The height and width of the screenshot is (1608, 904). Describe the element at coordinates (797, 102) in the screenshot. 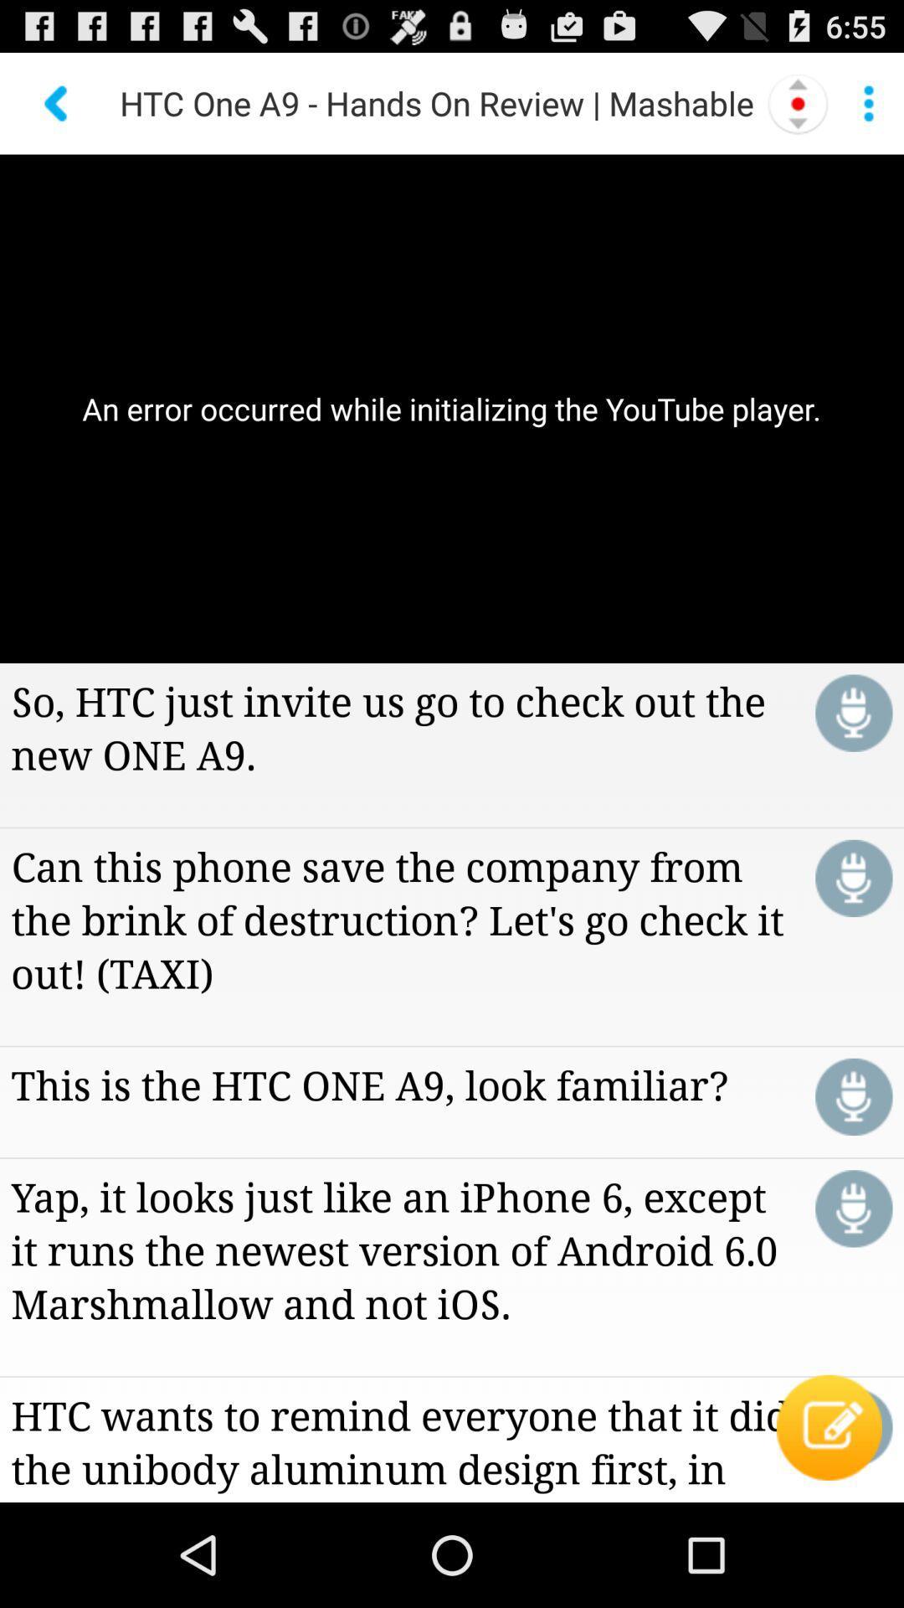

I see `the icon to the right of the htc one a9` at that location.